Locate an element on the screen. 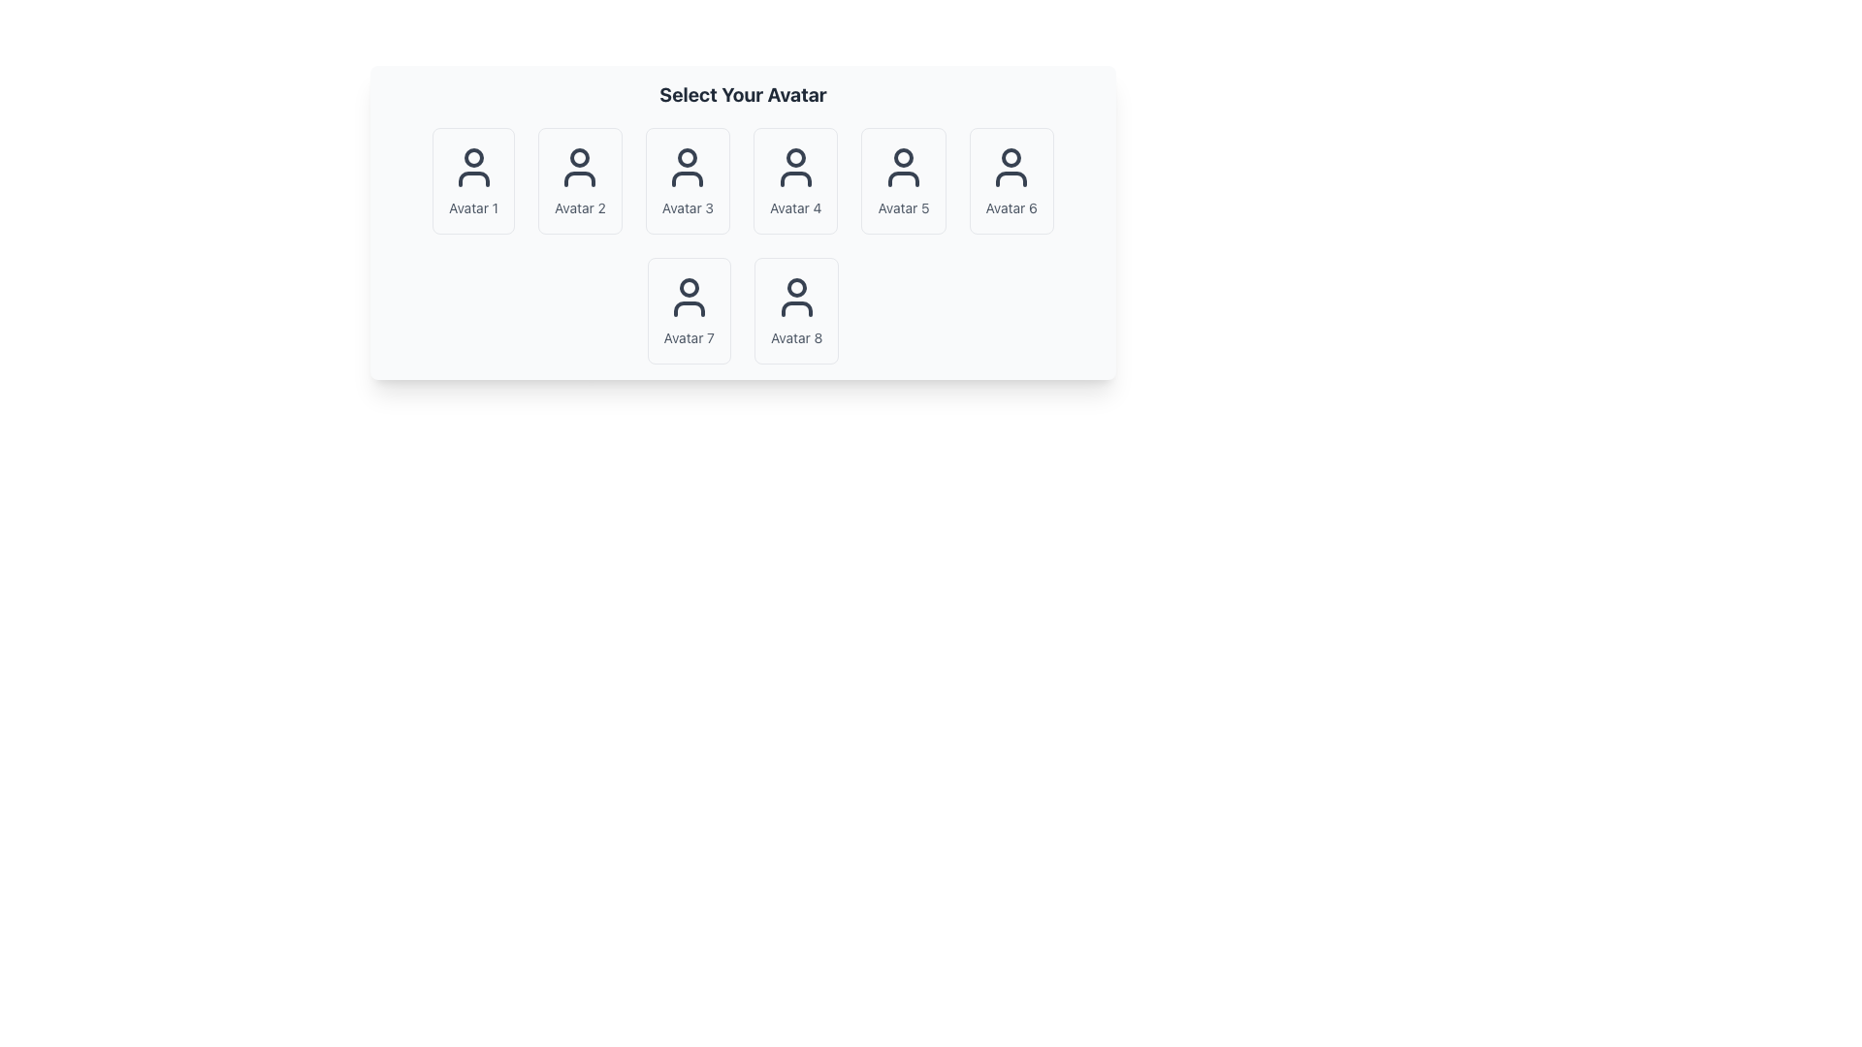 The width and height of the screenshot is (1862, 1047). text label 'Avatar 7' displayed in gray font below the avatar icon in the avatar selection grid is located at coordinates (689, 336).